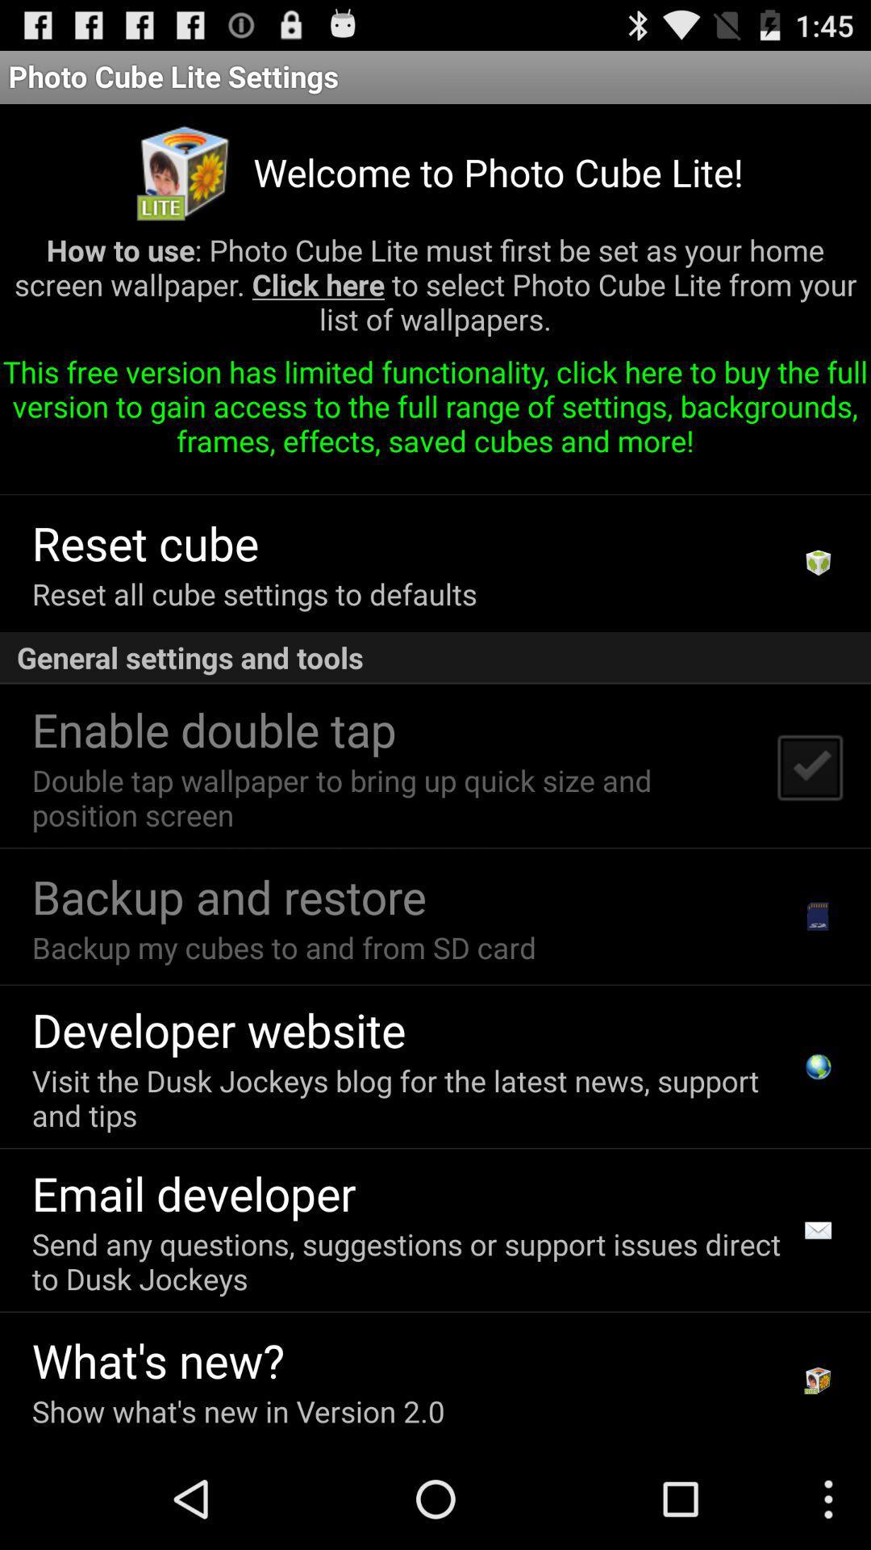 This screenshot has height=1550, width=871. Describe the element at coordinates (435, 413) in the screenshot. I see `app above the send this cube app` at that location.